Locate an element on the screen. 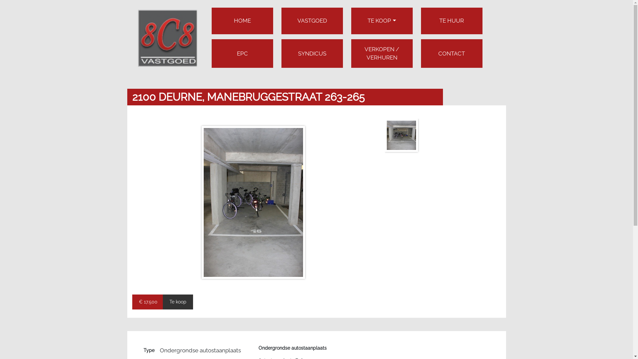  'VASTGOED' is located at coordinates (311, 20).